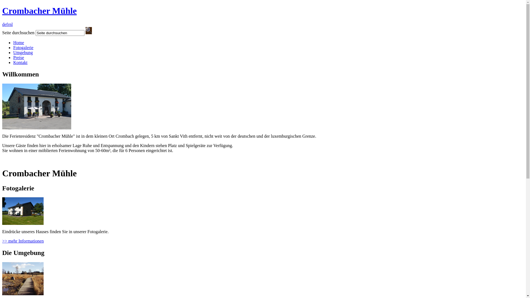 Image resolution: width=530 pixels, height=298 pixels. I want to click on 'Preise', so click(18, 57).